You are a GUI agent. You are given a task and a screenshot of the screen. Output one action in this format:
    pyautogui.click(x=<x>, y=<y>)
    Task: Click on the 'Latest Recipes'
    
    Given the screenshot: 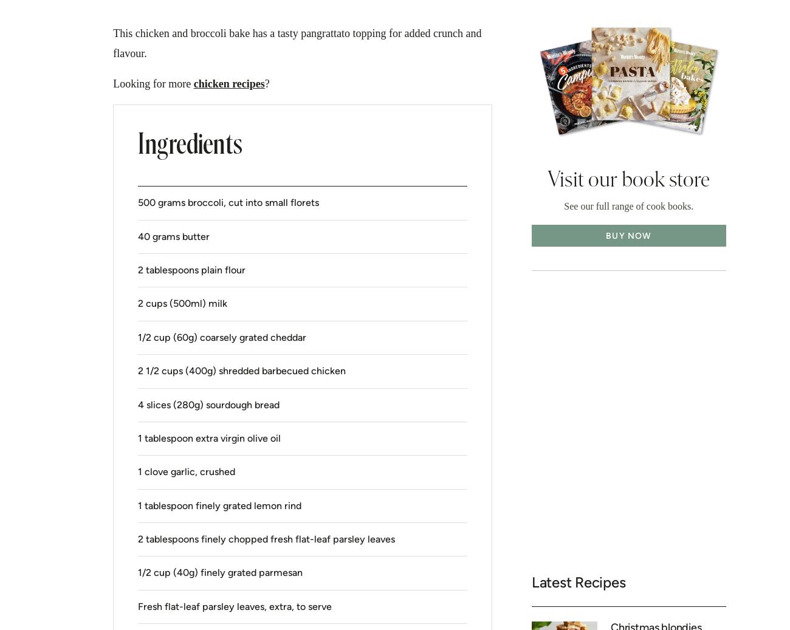 What is the action you would take?
    pyautogui.click(x=578, y=582)
    